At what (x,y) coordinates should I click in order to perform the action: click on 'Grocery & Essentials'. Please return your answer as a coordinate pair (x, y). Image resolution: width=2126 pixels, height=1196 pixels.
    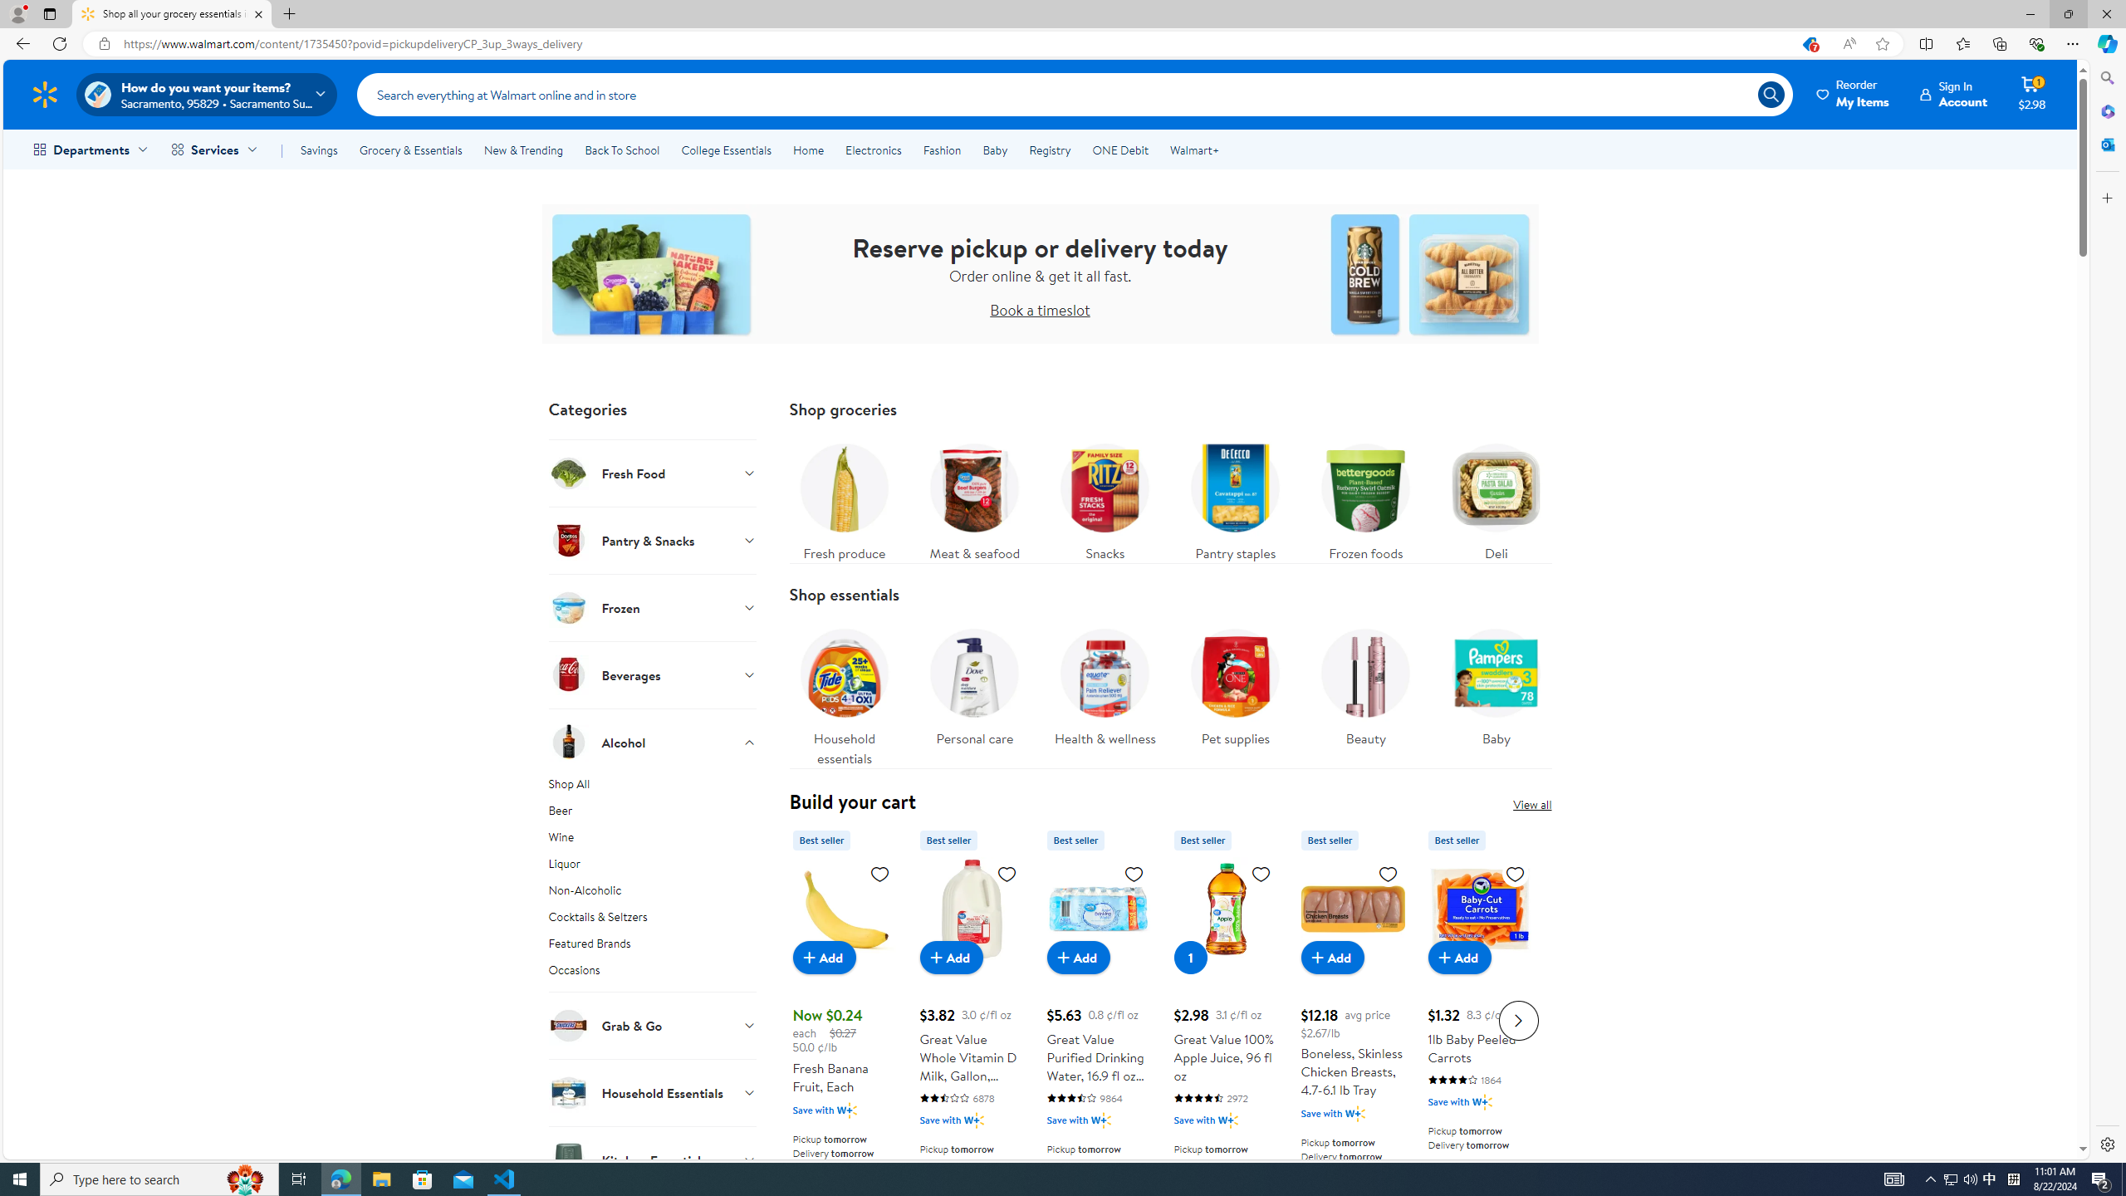
    Looking at the image, I should click on (409, 149).